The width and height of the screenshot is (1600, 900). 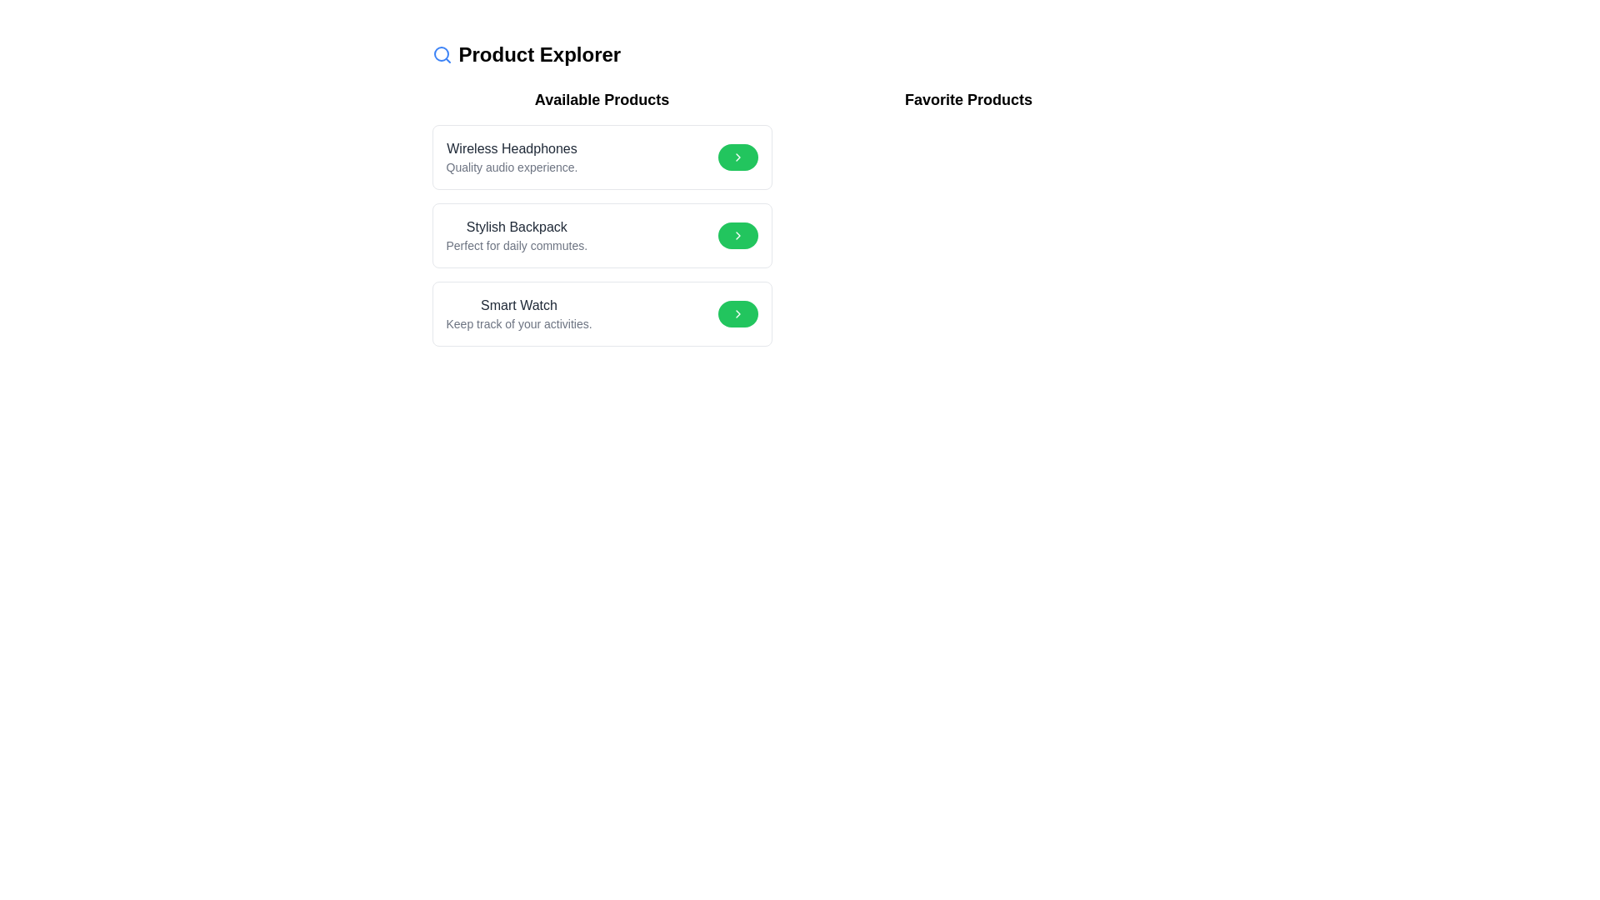 What do you see at coordinates (518, 305) in the screenshot?
I see `the text label displaying 'Smart Watch' in the 'Available Products' section of the 'Product Explorer' interface, which is positioned above the text 'Keep track of your activities.'` at bounding box center [518, 305].